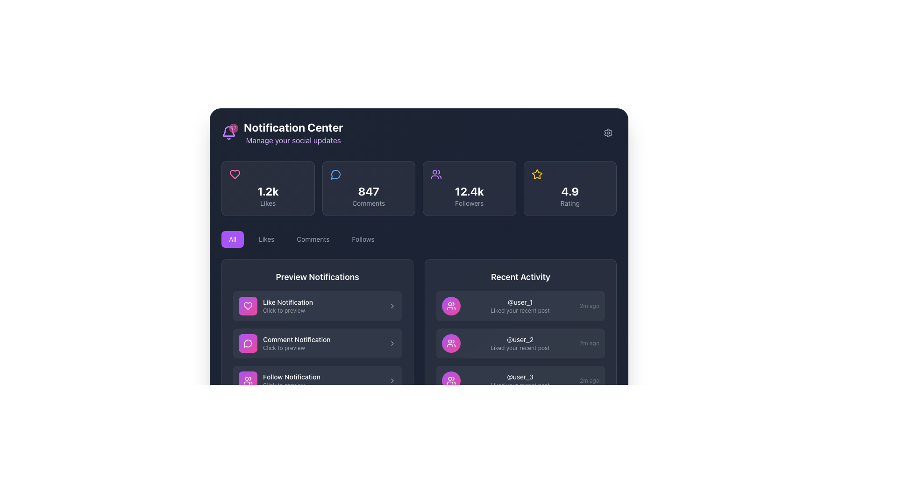 The height and width of the screenshot is (504, 897). I want to click on the 'Follow Notification' text block within the 'Preview Notifications' list item, which is styled with white capitalized bold text and smaller gray text below it, so click(323, 381).